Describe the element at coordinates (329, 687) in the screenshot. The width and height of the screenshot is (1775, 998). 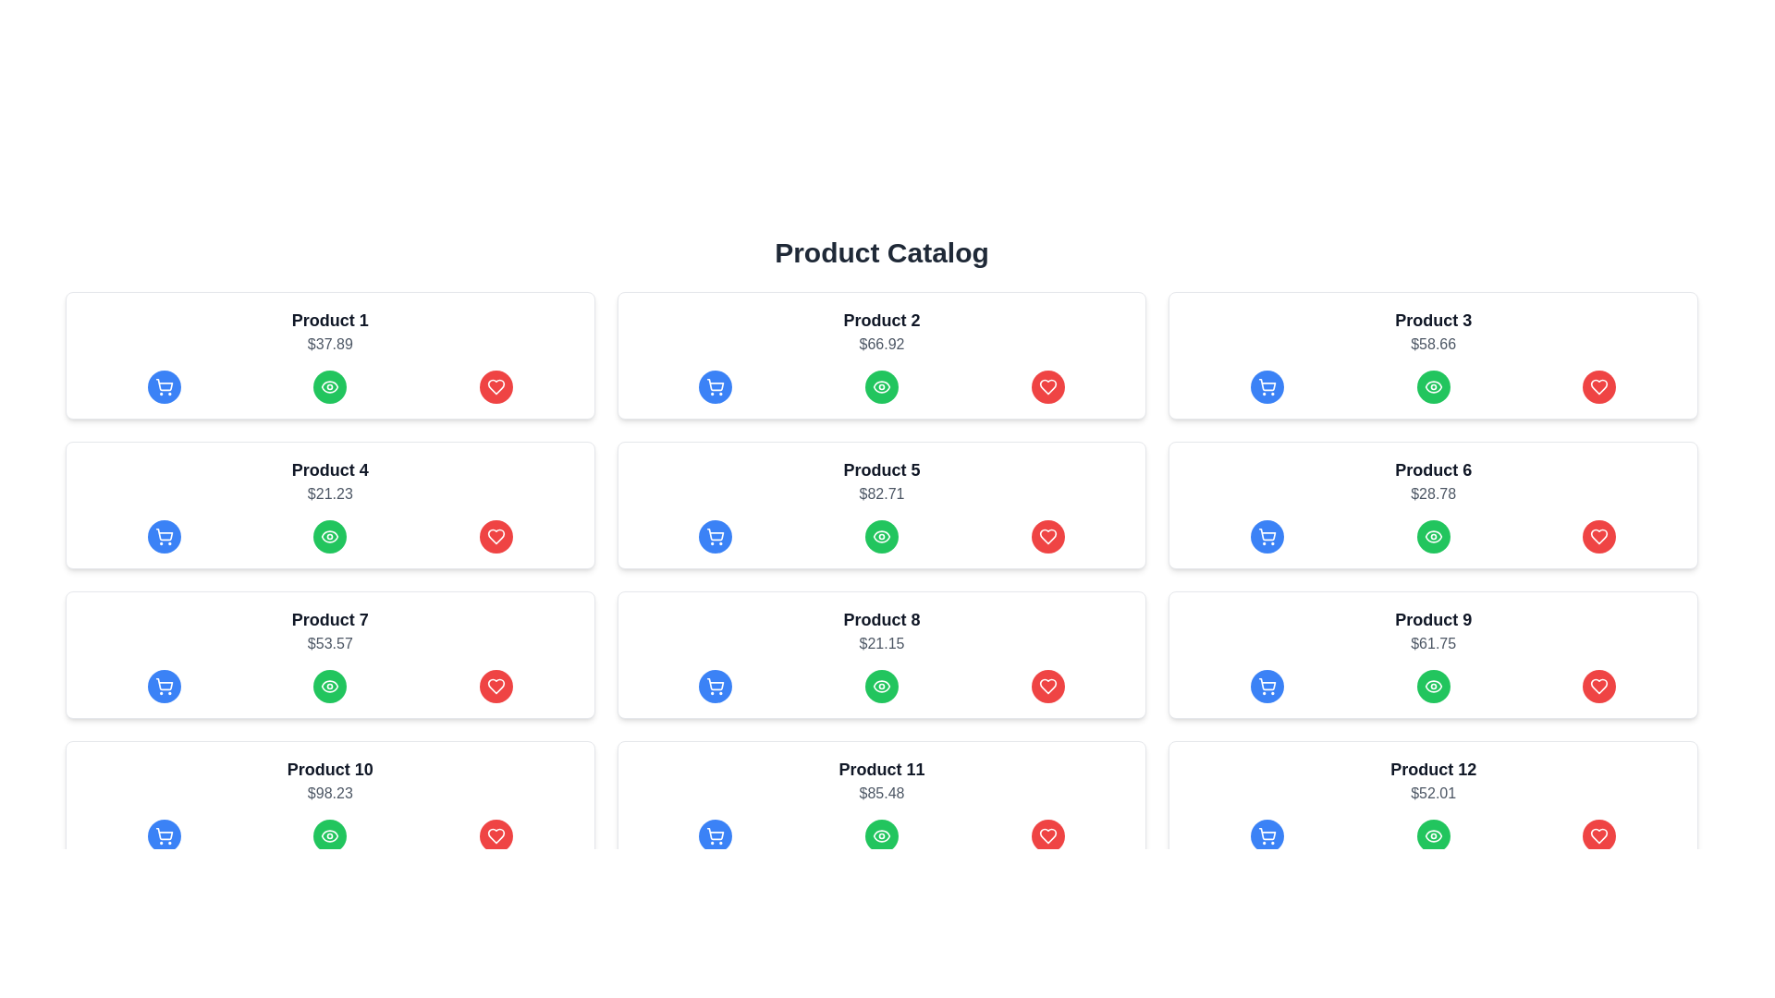
I see `the green circular button with a white eye icon at the center of the card labeled 'Product 7 $53.57'` at that location.